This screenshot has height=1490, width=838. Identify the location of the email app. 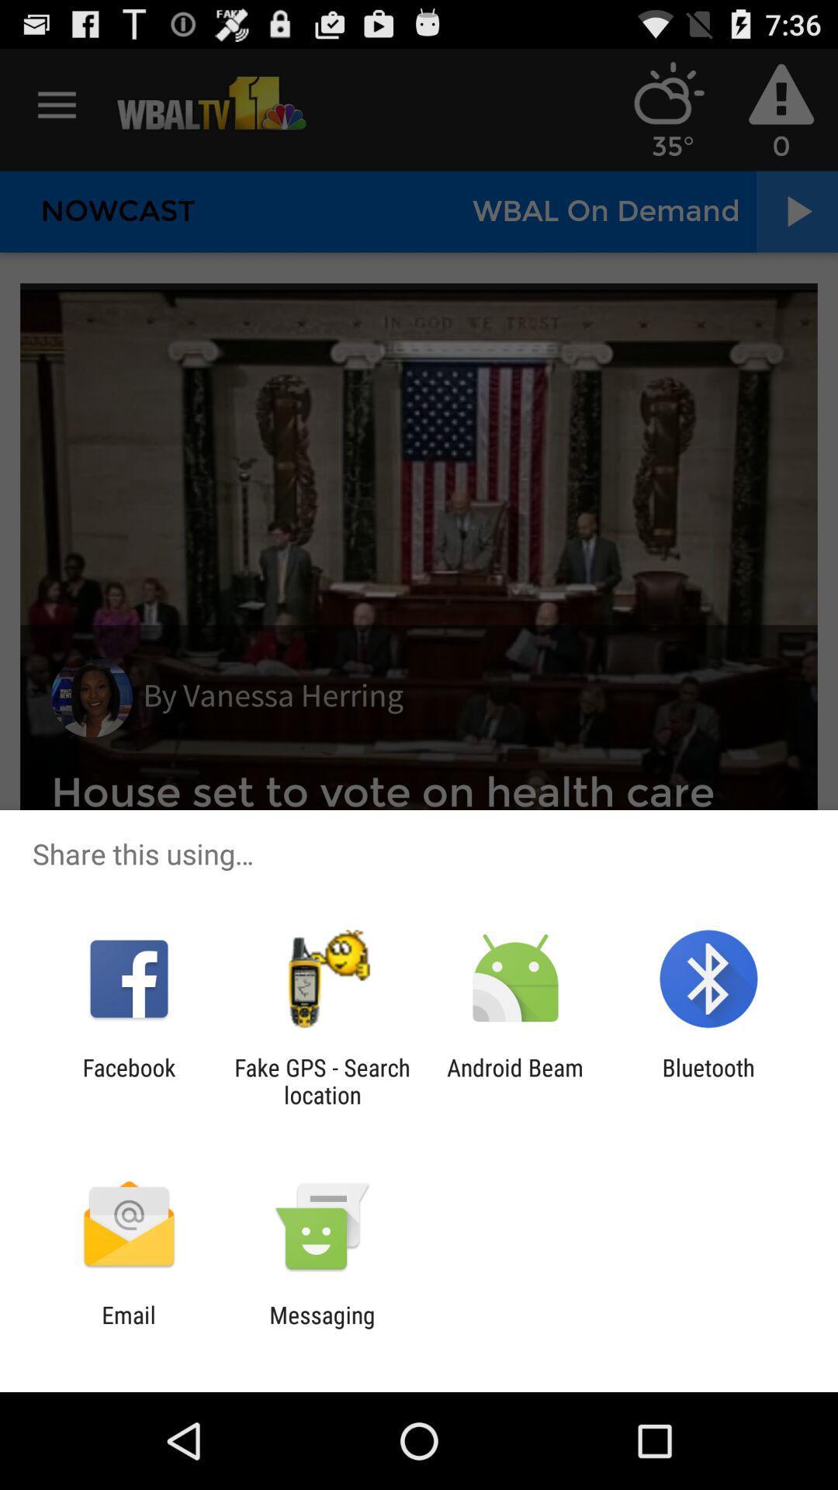
(128, 1328).